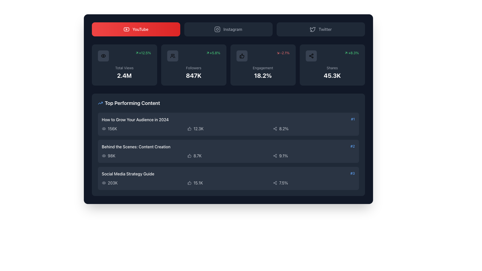  Describe the element at coordinates (332, 56) in the screenshot. I see `percentage value displayed in green font, which indicates positive growth, located in the top-right corner of the 'Shares' statistic card component` at that location.